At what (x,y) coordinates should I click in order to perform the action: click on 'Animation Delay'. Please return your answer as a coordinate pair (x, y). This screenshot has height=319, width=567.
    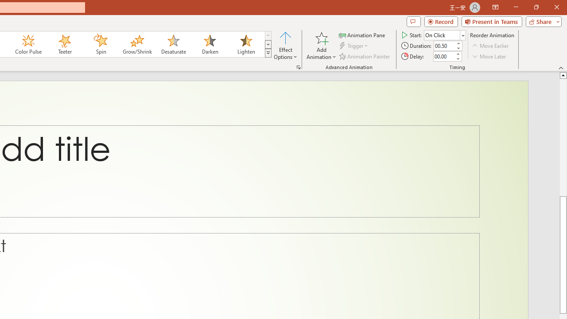
    Looking at the image, I should click on (444, 56).